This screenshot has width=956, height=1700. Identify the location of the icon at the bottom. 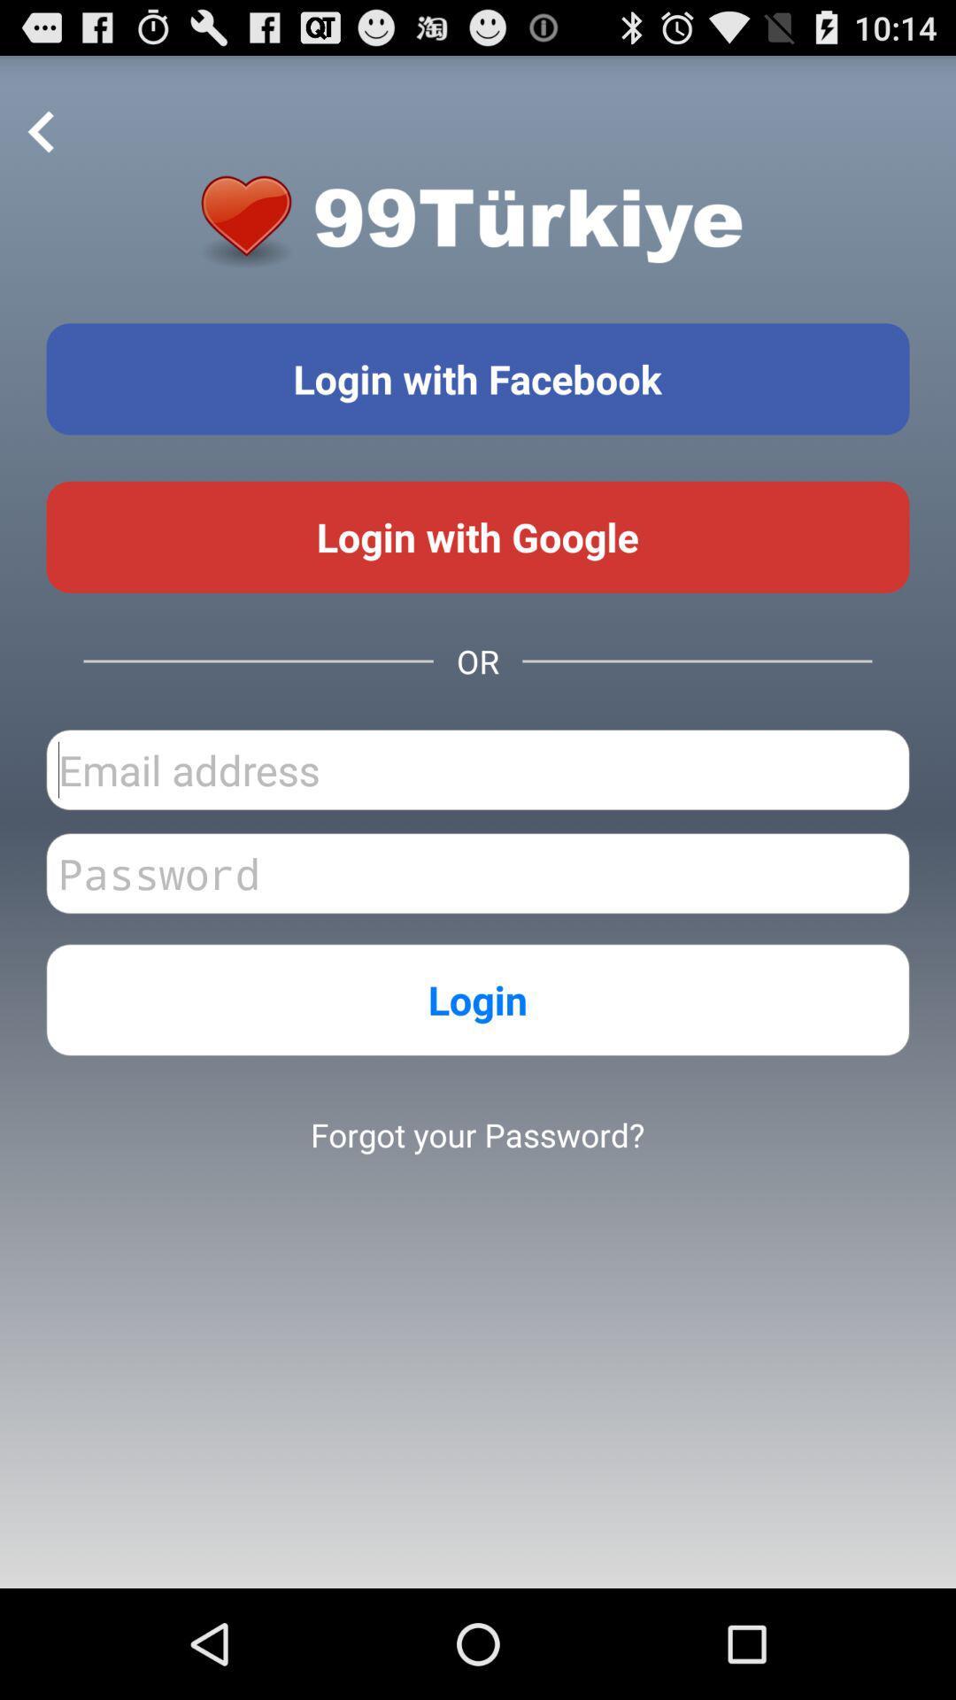
(476, 1134).